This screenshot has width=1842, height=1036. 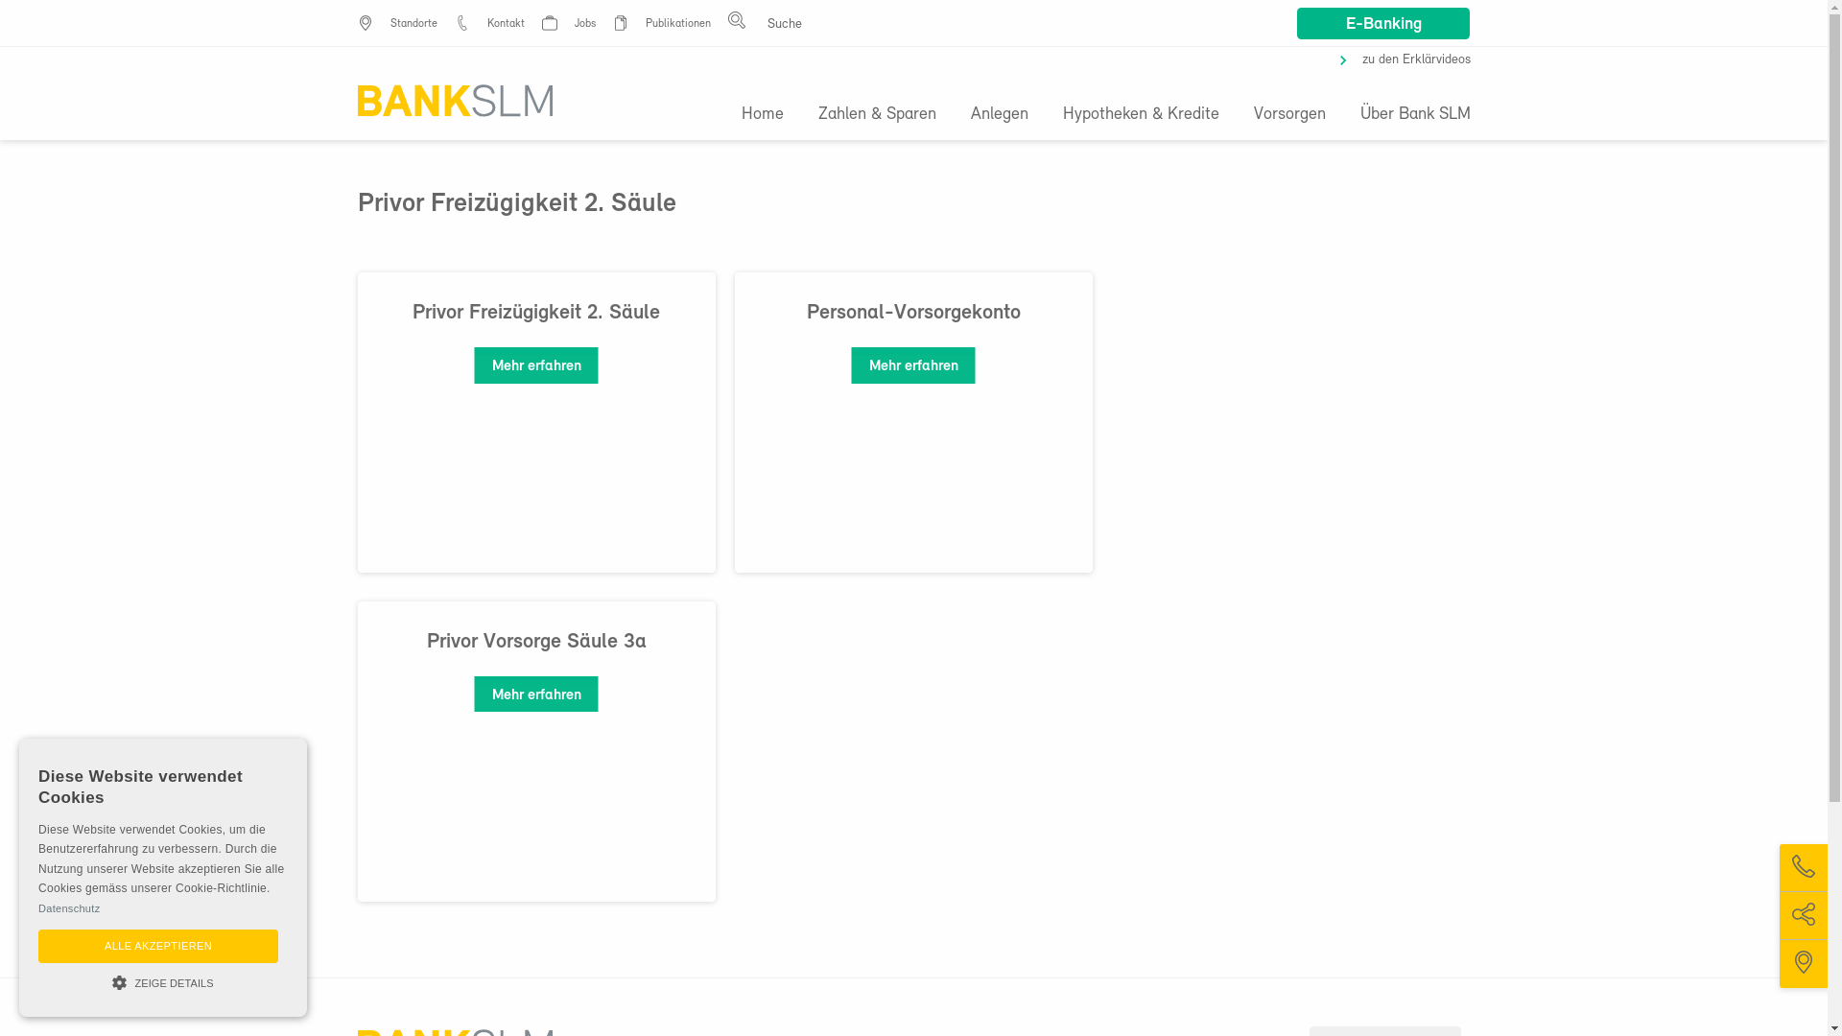 What do you see at coordinates (1297, 23) in the screenshot?
I see `'E-Banking'` at bounding box center [1297, 23].